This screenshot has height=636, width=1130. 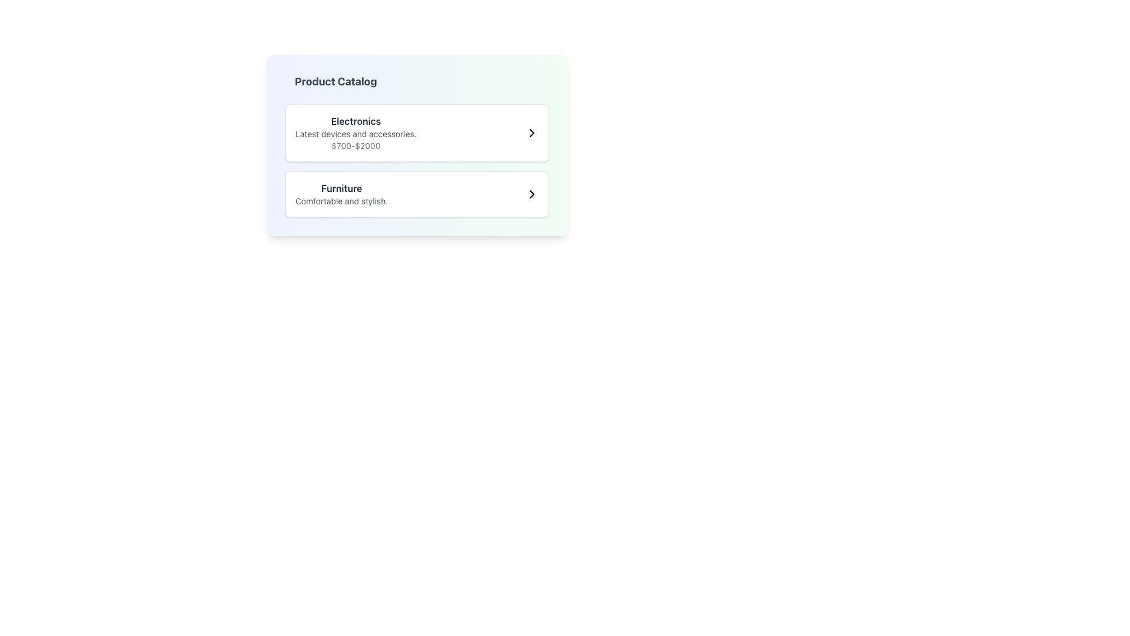 I want to click on the static text element displaying 'Furniture', styled in a medium-sized bold font and dark gray color, located near the top of its section, so click(x=341, y=188).